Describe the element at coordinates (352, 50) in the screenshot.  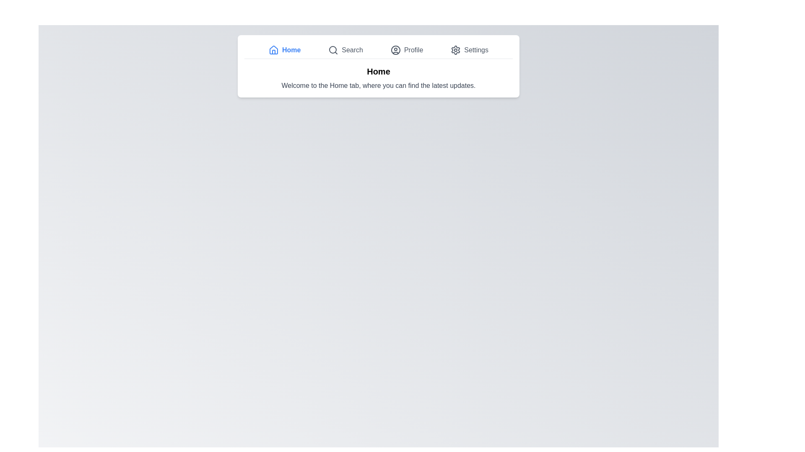
I see `text from the 'Search' label, which is positioned centrally in the navigation menu and visually appears in gray next to a magnifying glass icon` at that location.